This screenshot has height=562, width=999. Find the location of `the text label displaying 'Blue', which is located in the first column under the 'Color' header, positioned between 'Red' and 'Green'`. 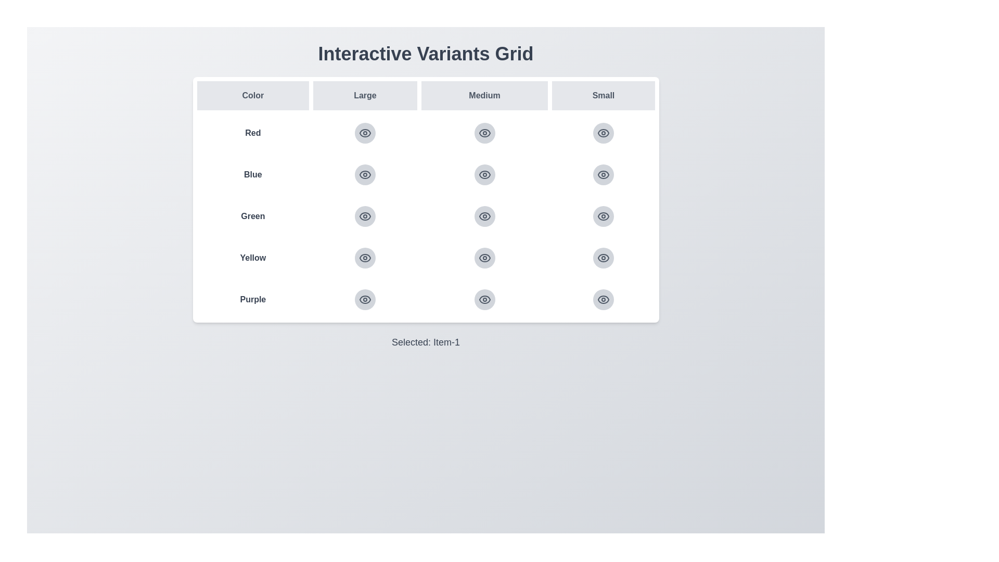

the text label displaying 'Blue', which is located in the first column under the 'Color' header, positioned between 'Red' and 'Green' is located at coordinates (253, 174).